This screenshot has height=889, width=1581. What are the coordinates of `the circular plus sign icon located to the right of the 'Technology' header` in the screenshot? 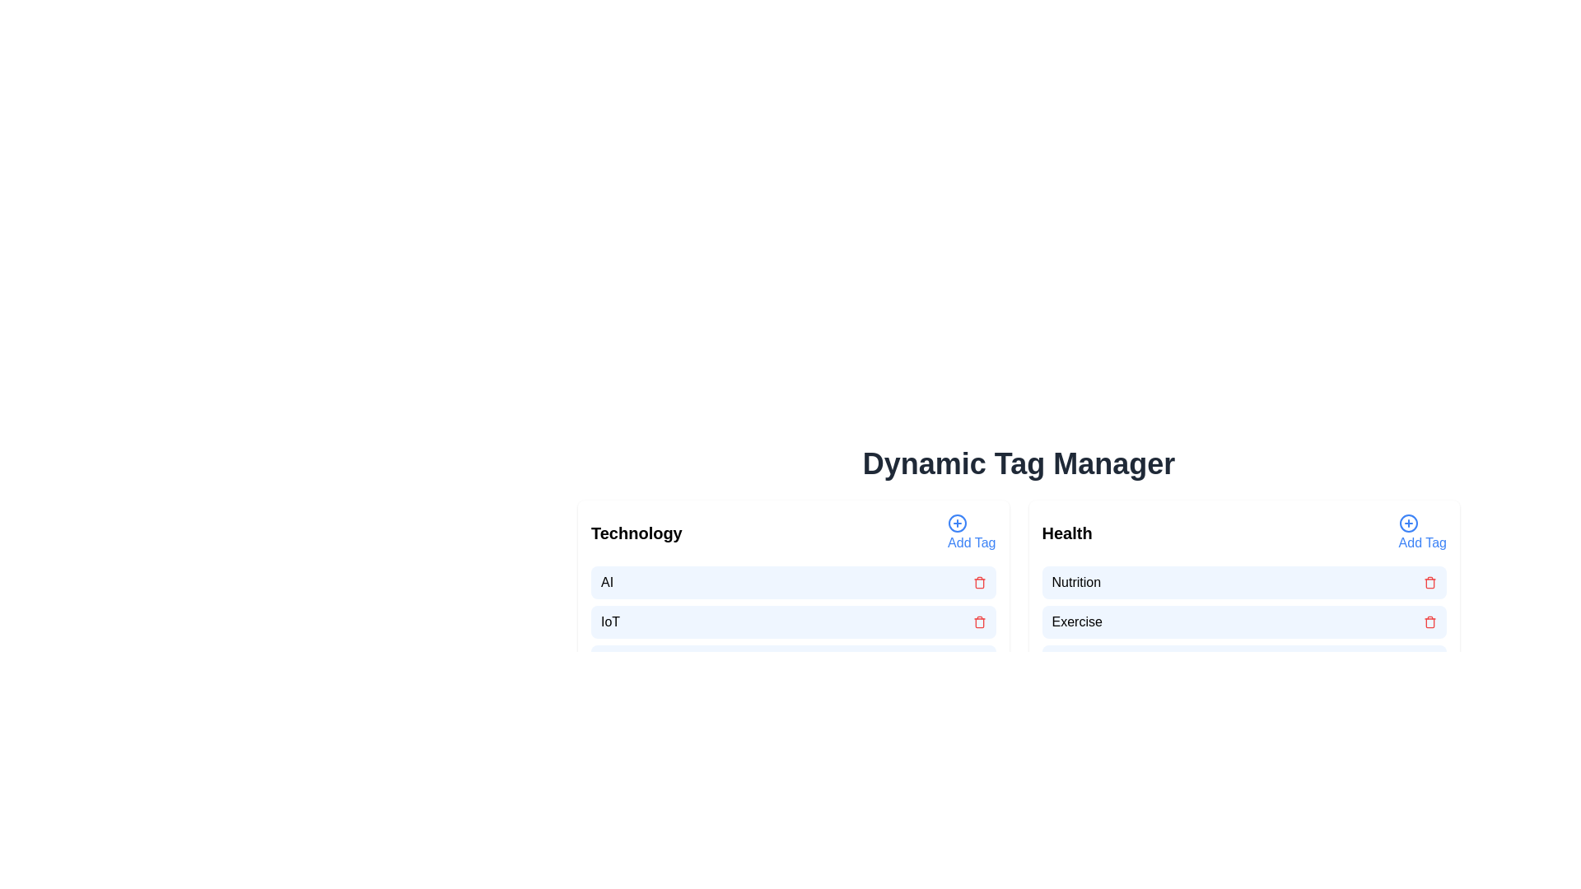 It's located at (958, 524).